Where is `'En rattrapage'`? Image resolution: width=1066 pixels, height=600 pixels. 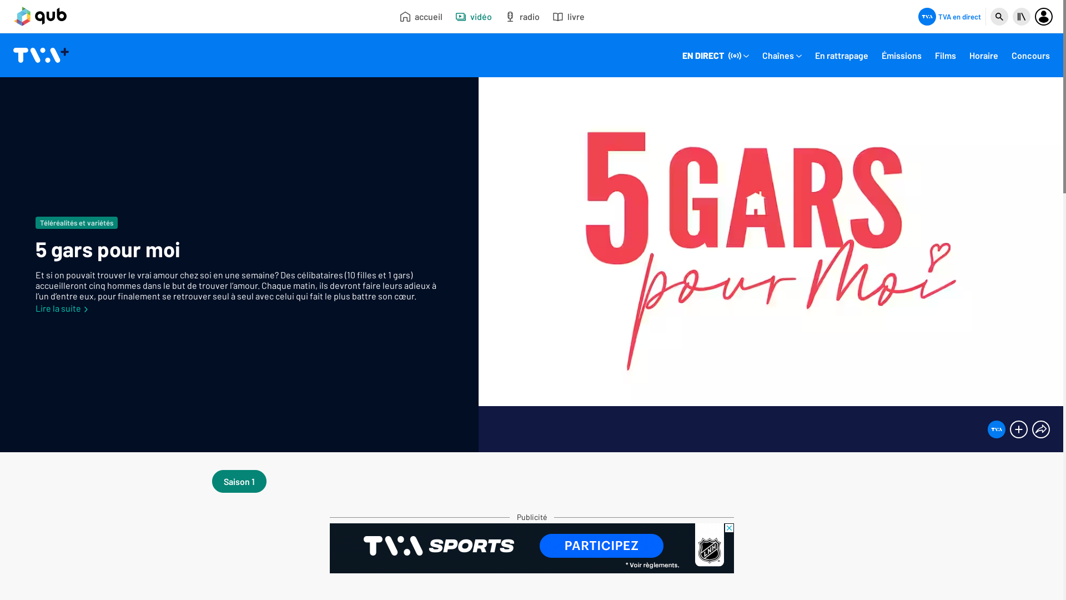 'En rattrapage' is located at coordinates (842, 56).